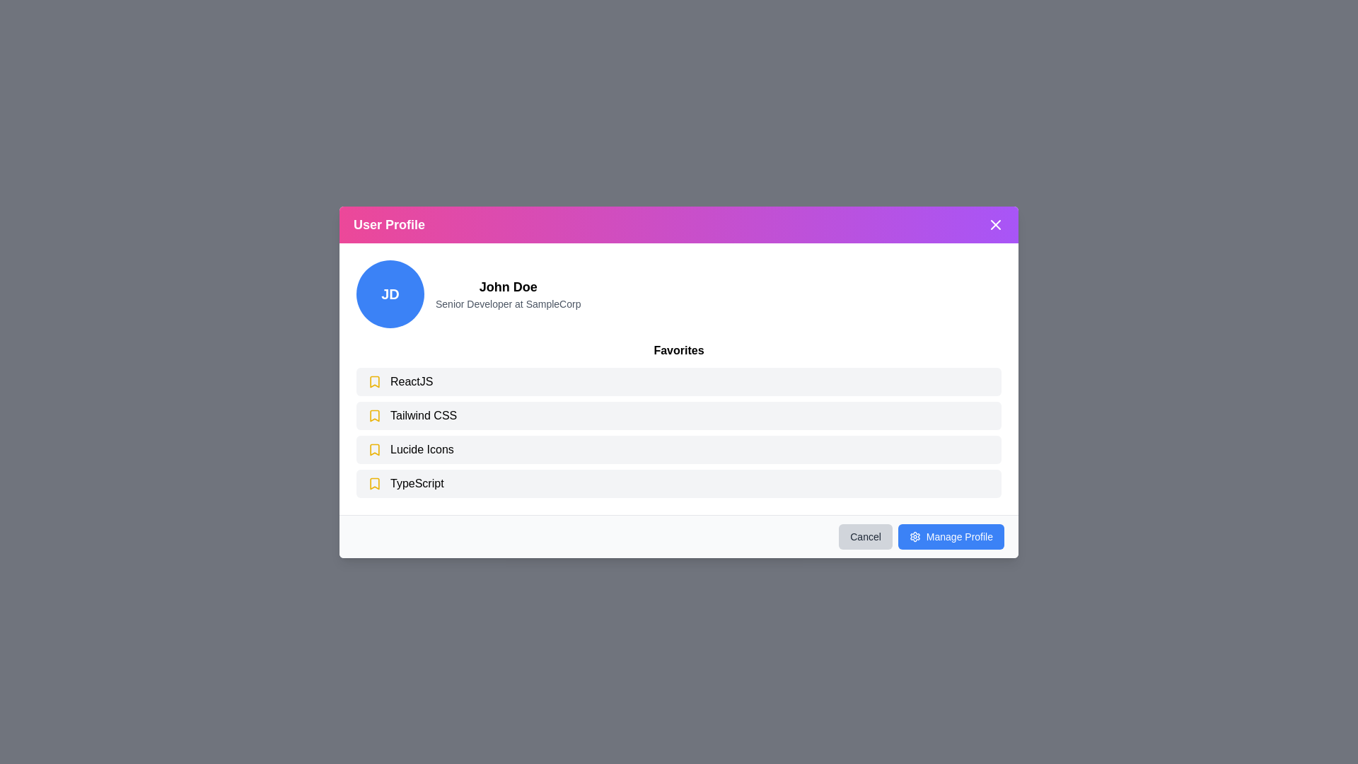  I want to click on the yellow bookmark icon next to the 'Lucide Icons' text in the user's favorites list within the profile dialog, so click(374, 449).